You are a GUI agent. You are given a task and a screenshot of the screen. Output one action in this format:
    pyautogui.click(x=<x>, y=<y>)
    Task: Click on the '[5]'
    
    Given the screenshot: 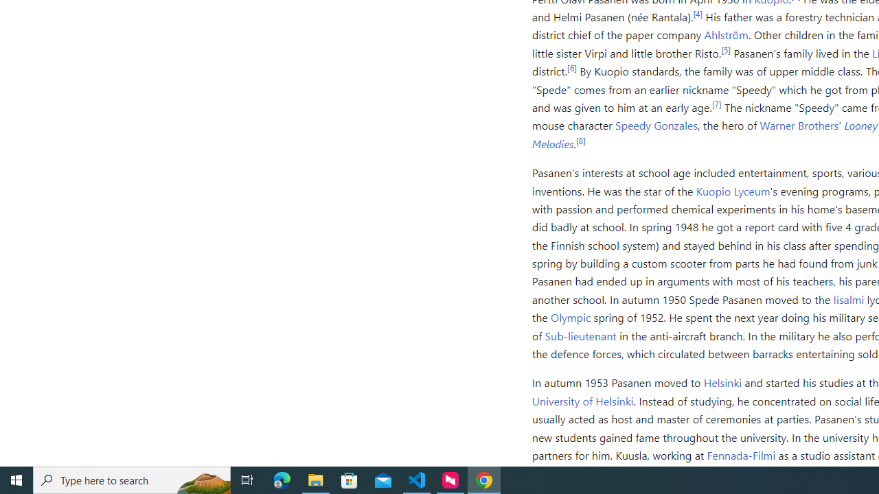 What is the action you would take?
    pyautogui.click(x=724, y=49)
    